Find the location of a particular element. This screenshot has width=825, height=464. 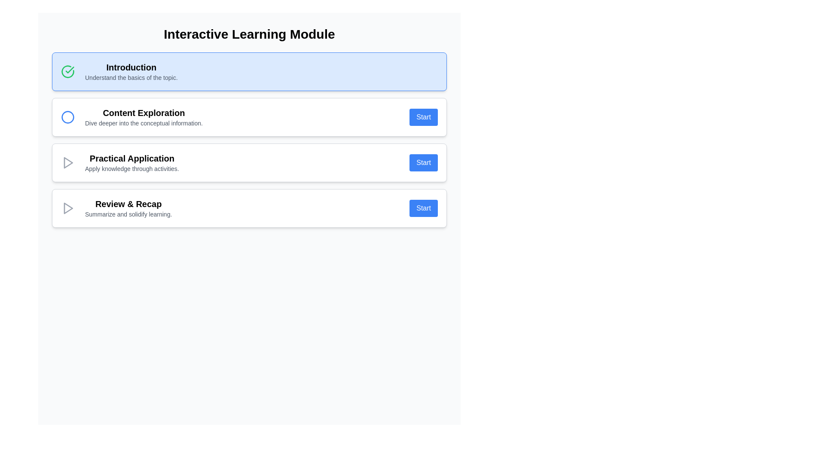

the 'Content Exploration' static text element, which serves as a visual cue to delineate sections of the interface is located at coordinates (144, 112).